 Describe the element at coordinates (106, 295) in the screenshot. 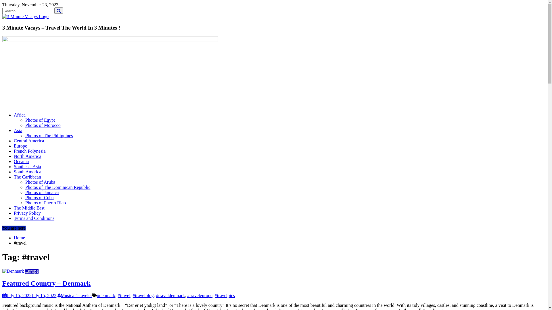

I see `'#denmark'` at that location.